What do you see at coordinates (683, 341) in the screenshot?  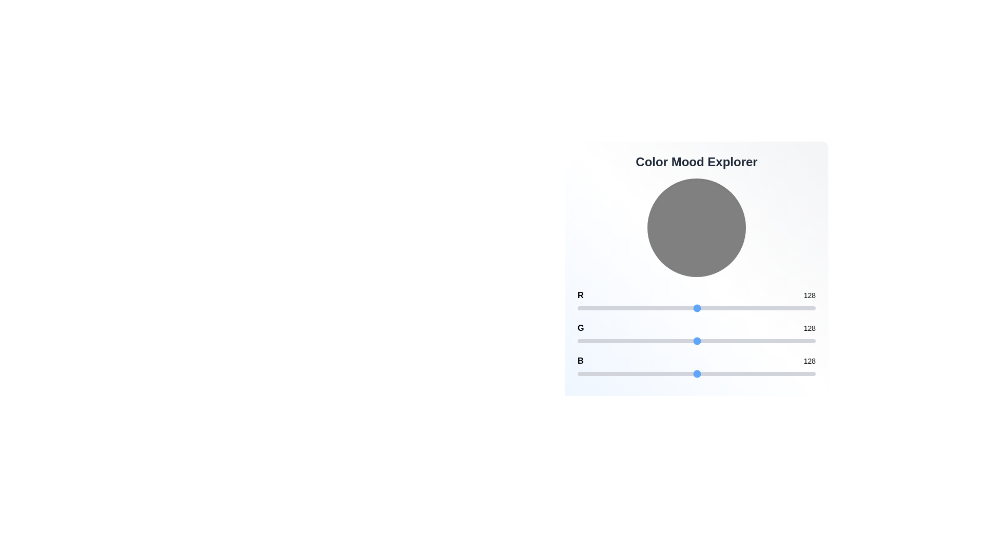 I see `the 1 slider to set its value to 113` at bounding box center [683, 341].